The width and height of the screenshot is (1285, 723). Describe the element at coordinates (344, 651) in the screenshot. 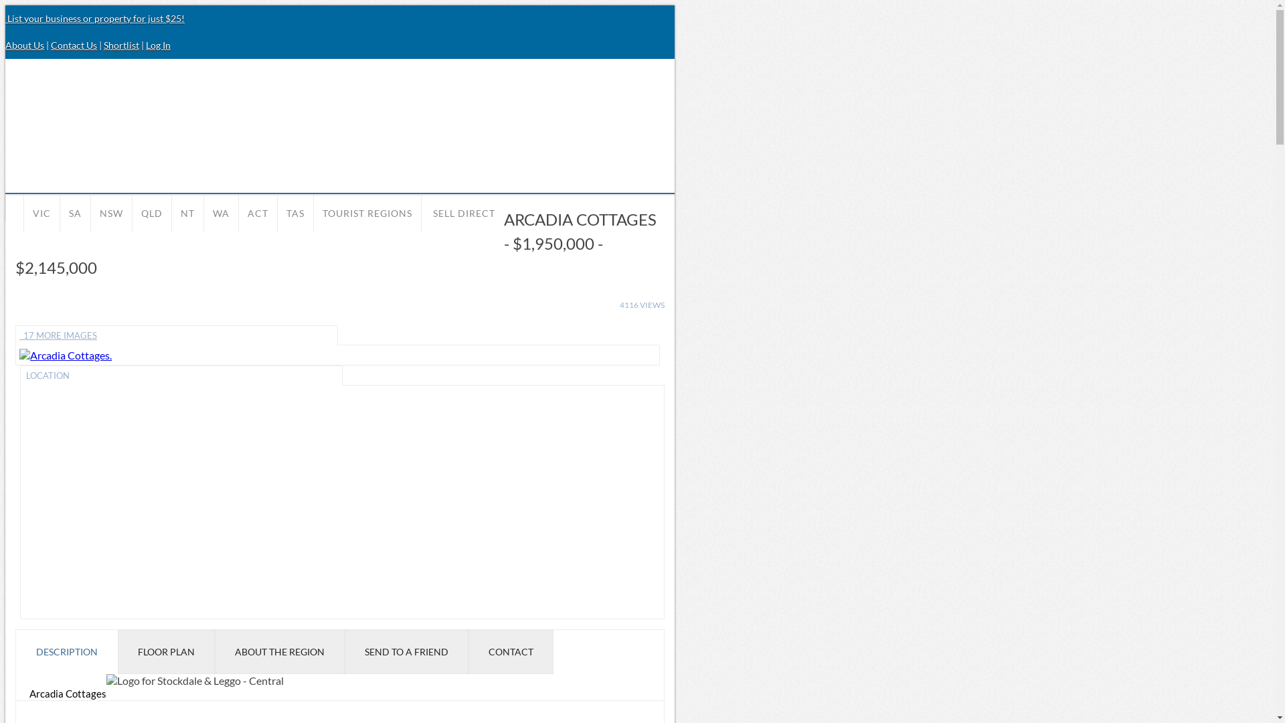

I see `'SEND TO A FRIEND'` at that location.